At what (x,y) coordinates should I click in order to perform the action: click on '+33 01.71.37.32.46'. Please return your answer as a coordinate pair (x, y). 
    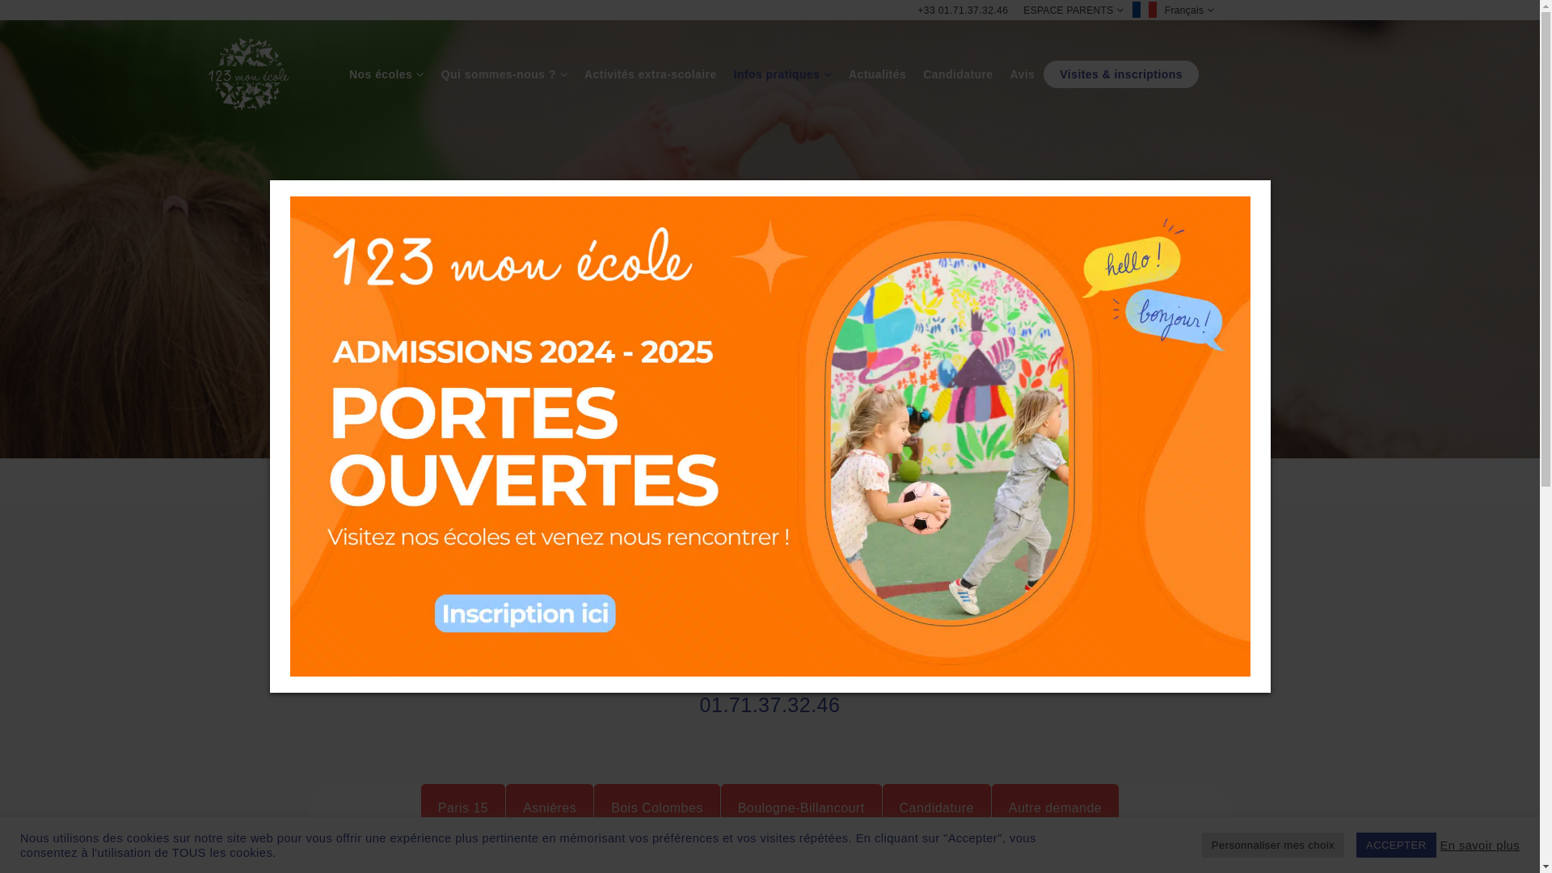
    Looking at the image, I should click on (962, 10).